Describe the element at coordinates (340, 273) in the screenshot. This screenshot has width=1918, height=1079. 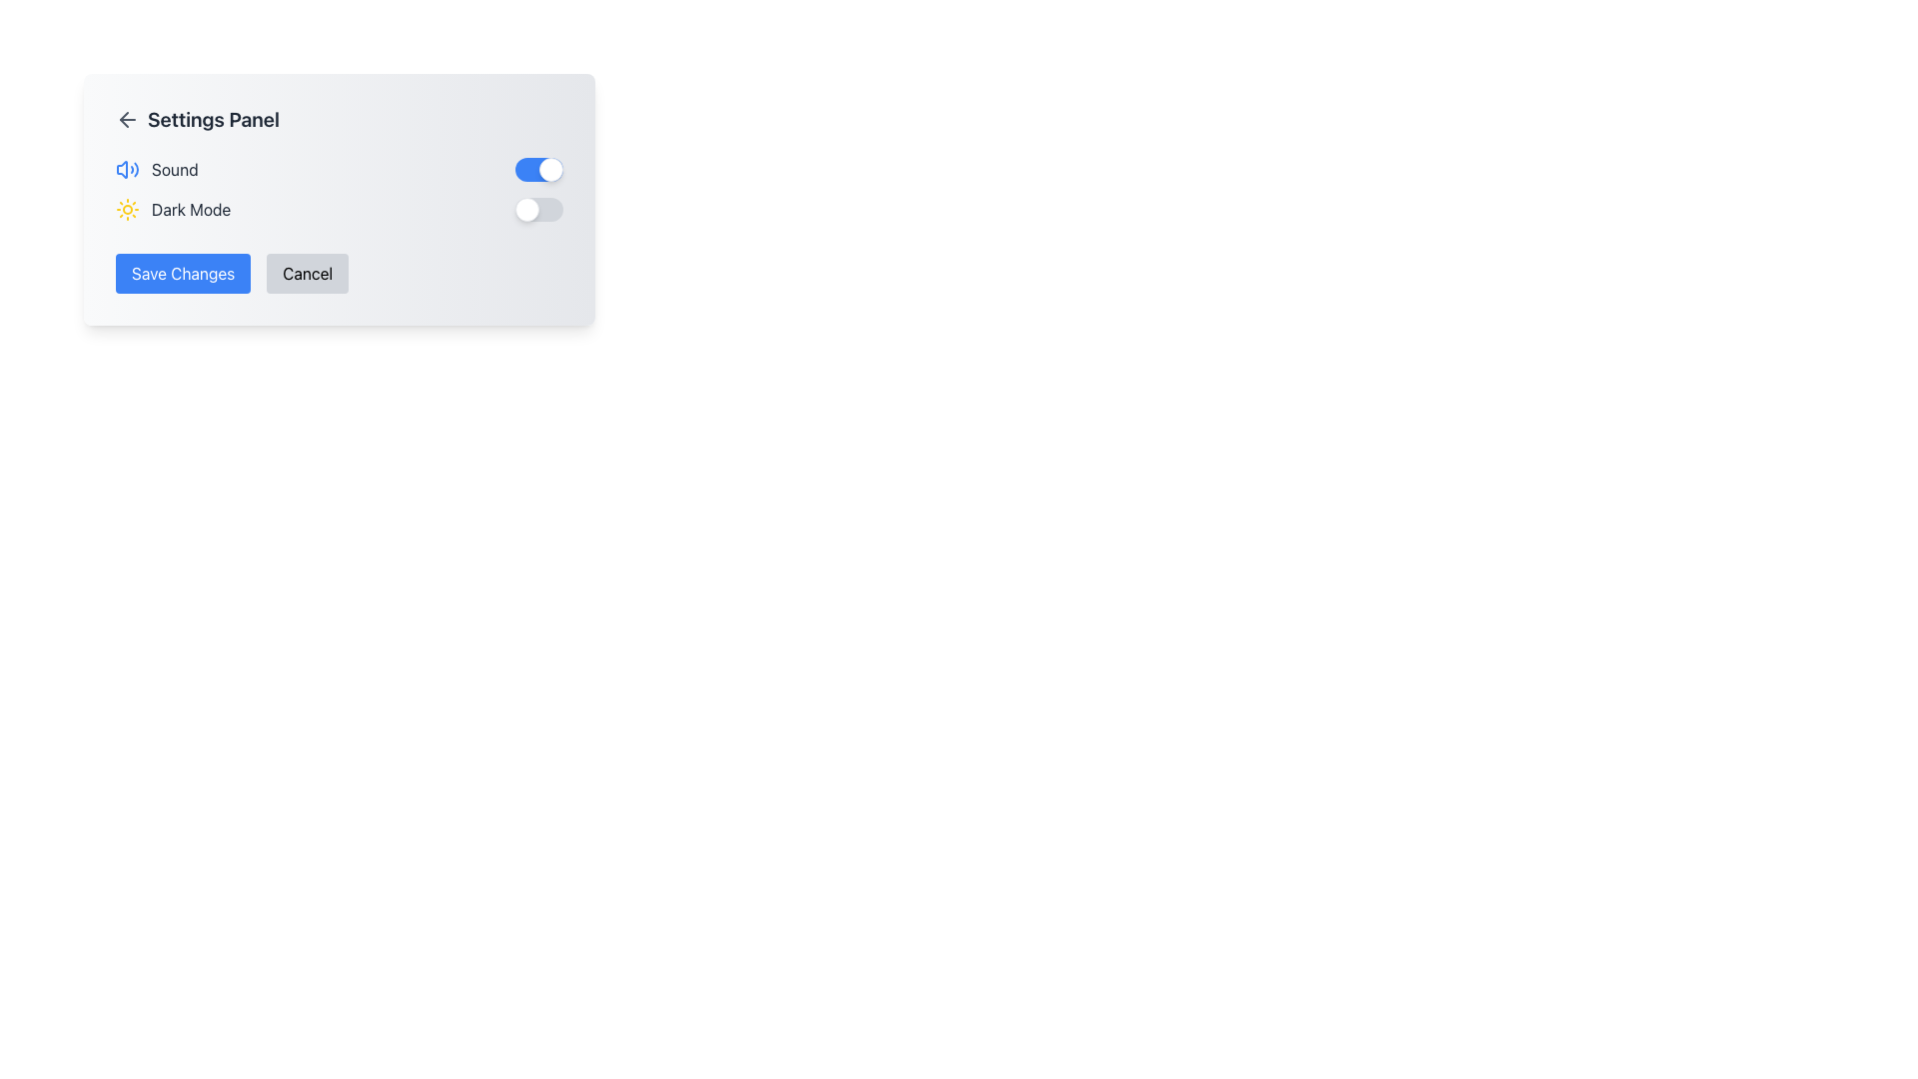
I see `the 'Cancel' button located within the Button group at the bottom of the settings panel` at that location.